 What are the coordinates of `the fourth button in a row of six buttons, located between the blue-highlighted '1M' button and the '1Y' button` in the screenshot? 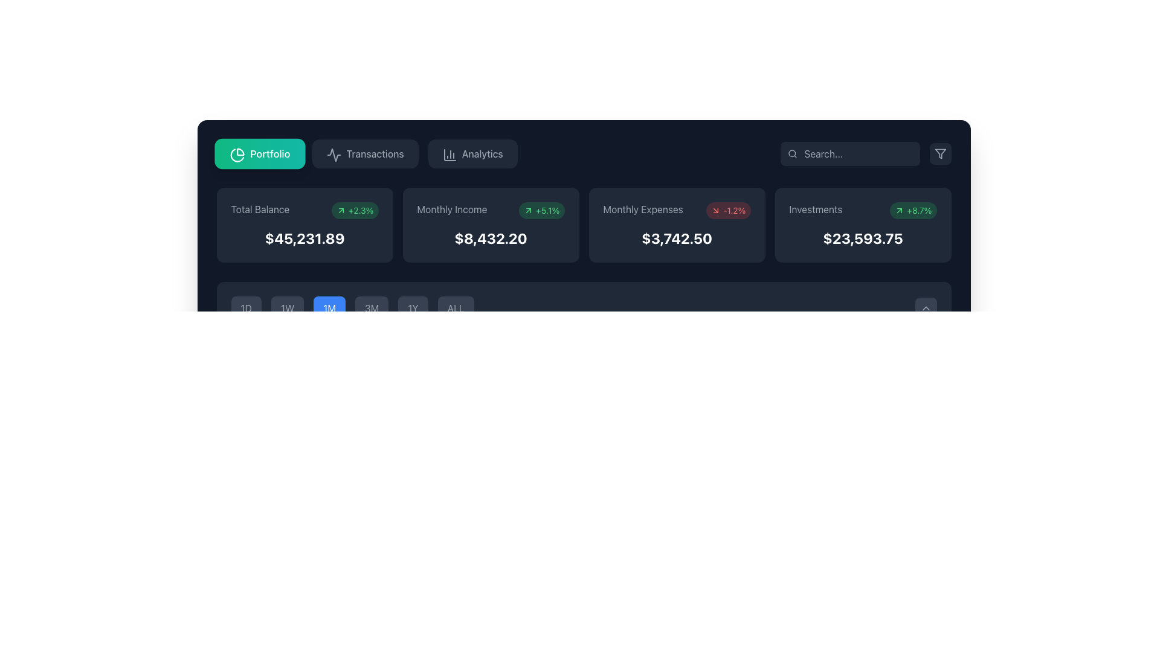 It's located at (371, 307).